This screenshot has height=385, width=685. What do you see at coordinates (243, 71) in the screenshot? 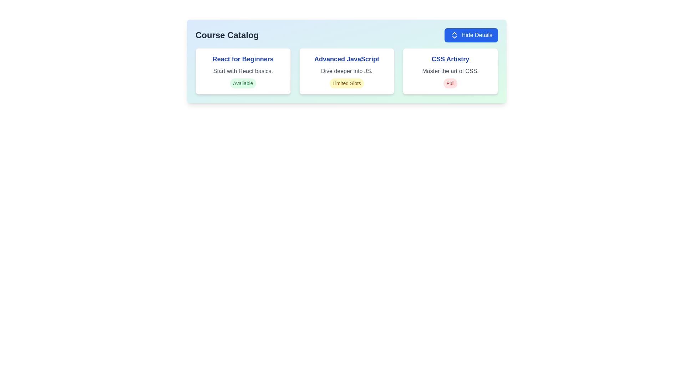
I see `the text label that provides a brief description about the course titled 'React for Beginners', located under the header and above the availability status within the leftmost card` at bounding box center [243, 71].